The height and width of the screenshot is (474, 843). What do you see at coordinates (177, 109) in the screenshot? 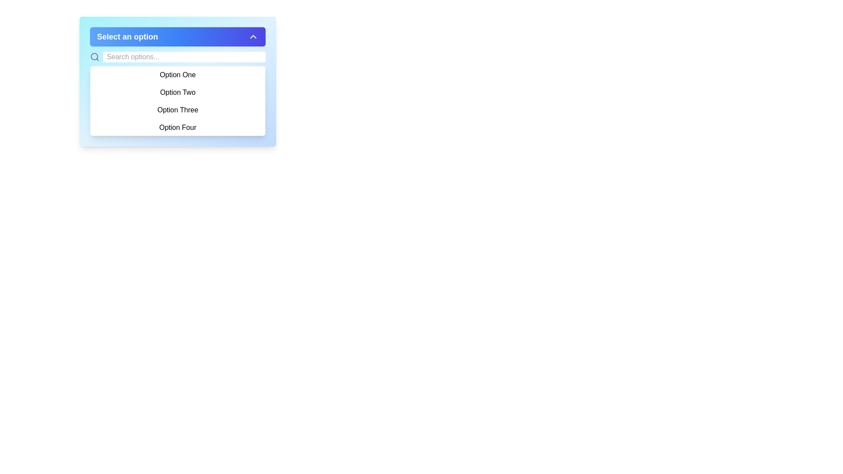
I see `the third option labeled 'Option Three' in the dropdown menu` at bounding box center [177, 109].